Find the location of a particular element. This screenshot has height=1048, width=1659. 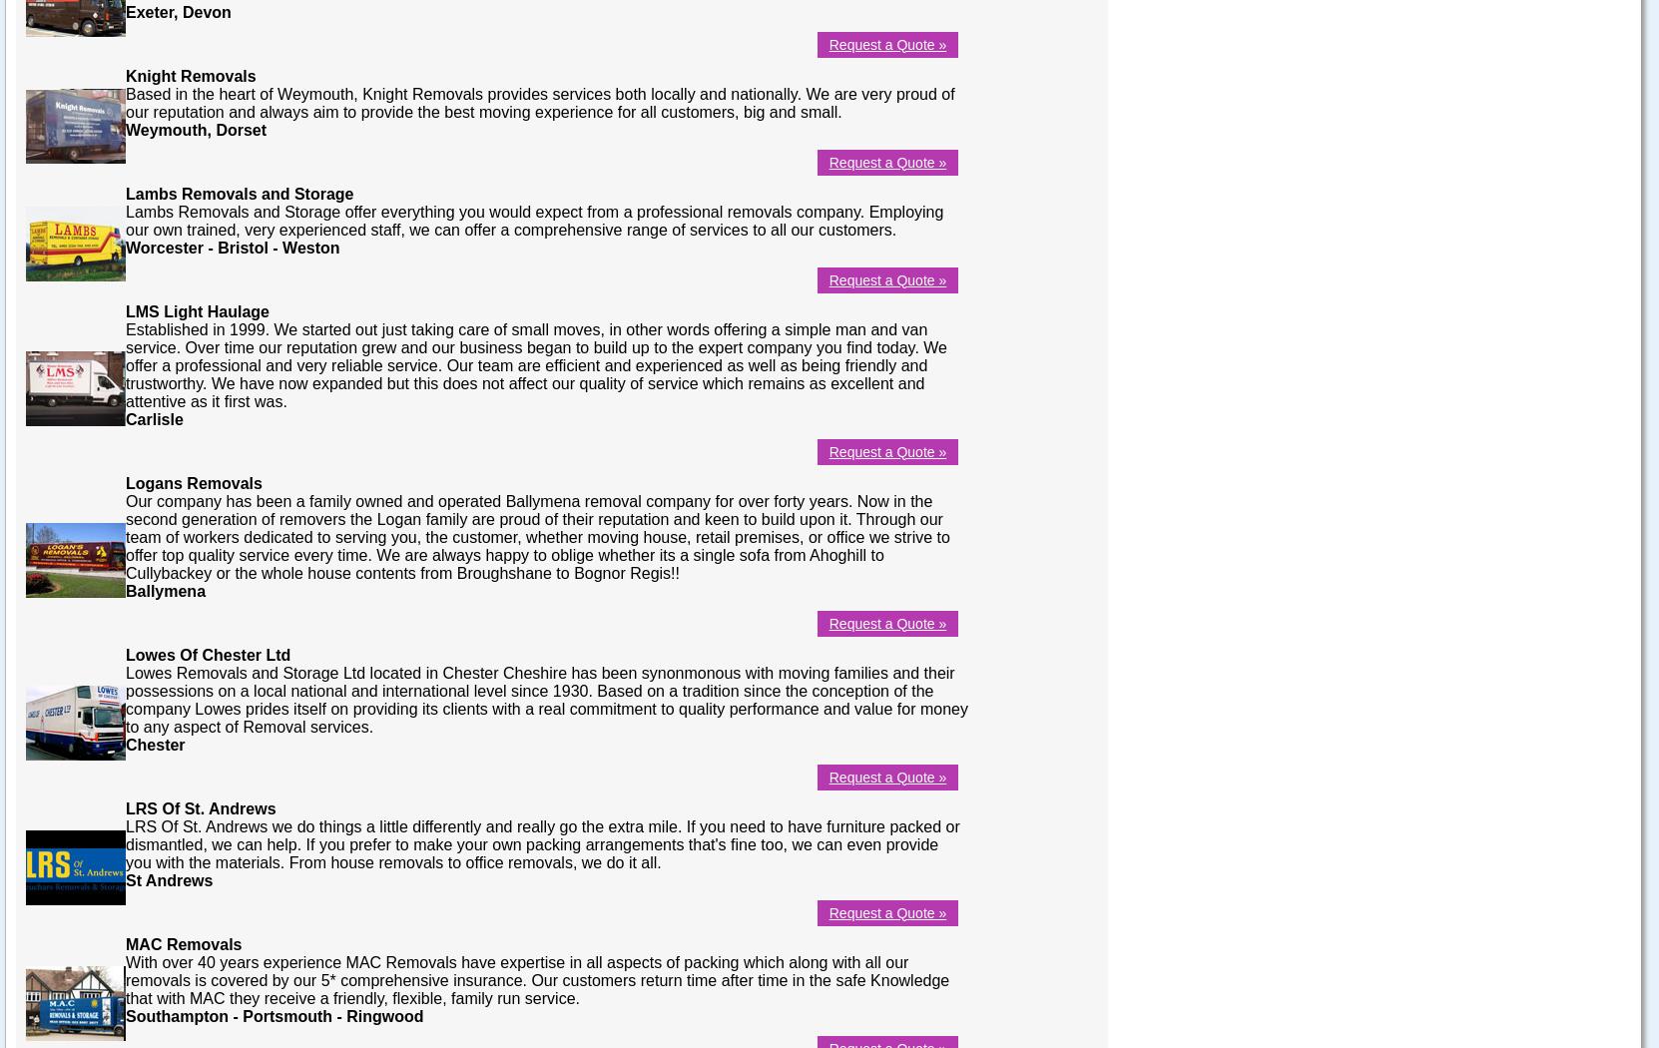

'Established in 1999. We started out just taking care of small moves, in other words offering a simple man and van service. Over time our reputation grew and our business began to build up to the expert company you find today.

We offer a professional and very reliable service. Our team are efficient and experienced as well as being friendly and trustworthy. We have now expanded but this does not affect our quality of service which remains as excellent and attentive as it first was.' is located at coordinates (534, 363).